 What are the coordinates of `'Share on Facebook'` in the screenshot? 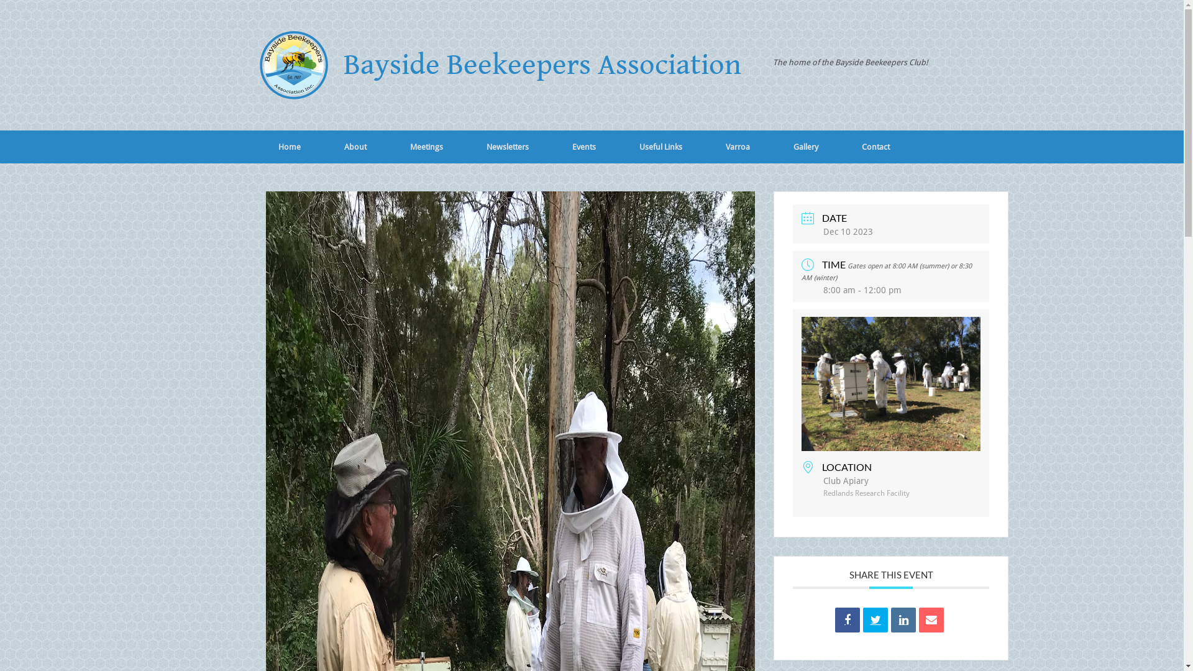 It's located at (846, 620).